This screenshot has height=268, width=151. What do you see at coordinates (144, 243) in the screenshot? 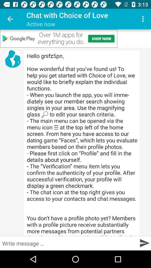
I see `go next` at bounding box center [144, 243].